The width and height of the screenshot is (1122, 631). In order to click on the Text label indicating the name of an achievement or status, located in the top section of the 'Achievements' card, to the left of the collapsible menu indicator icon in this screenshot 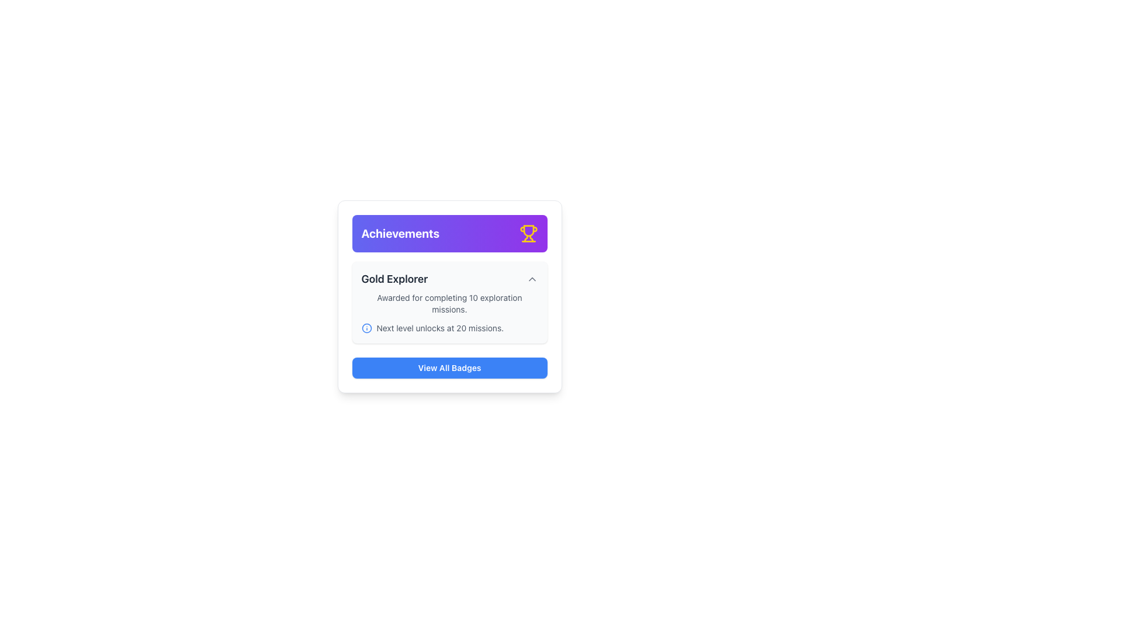, I will do `click(394, 279)`.